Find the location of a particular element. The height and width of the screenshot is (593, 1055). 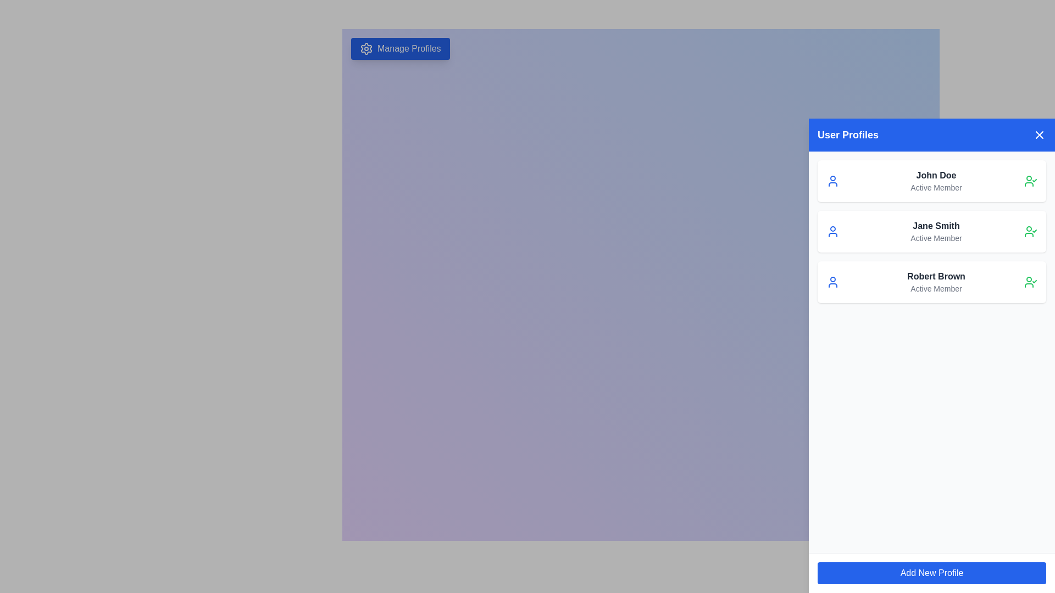

the text display showing 'Jane Smith' and 'Active Member' in bold and gray respectively, located in the second item of a vertical list is located at coordinates (936, 231).